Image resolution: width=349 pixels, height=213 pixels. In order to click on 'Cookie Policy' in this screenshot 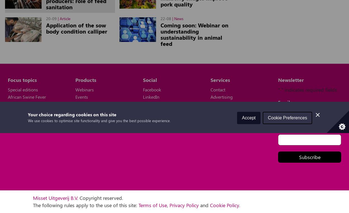, I will do `click(210, 205)`.